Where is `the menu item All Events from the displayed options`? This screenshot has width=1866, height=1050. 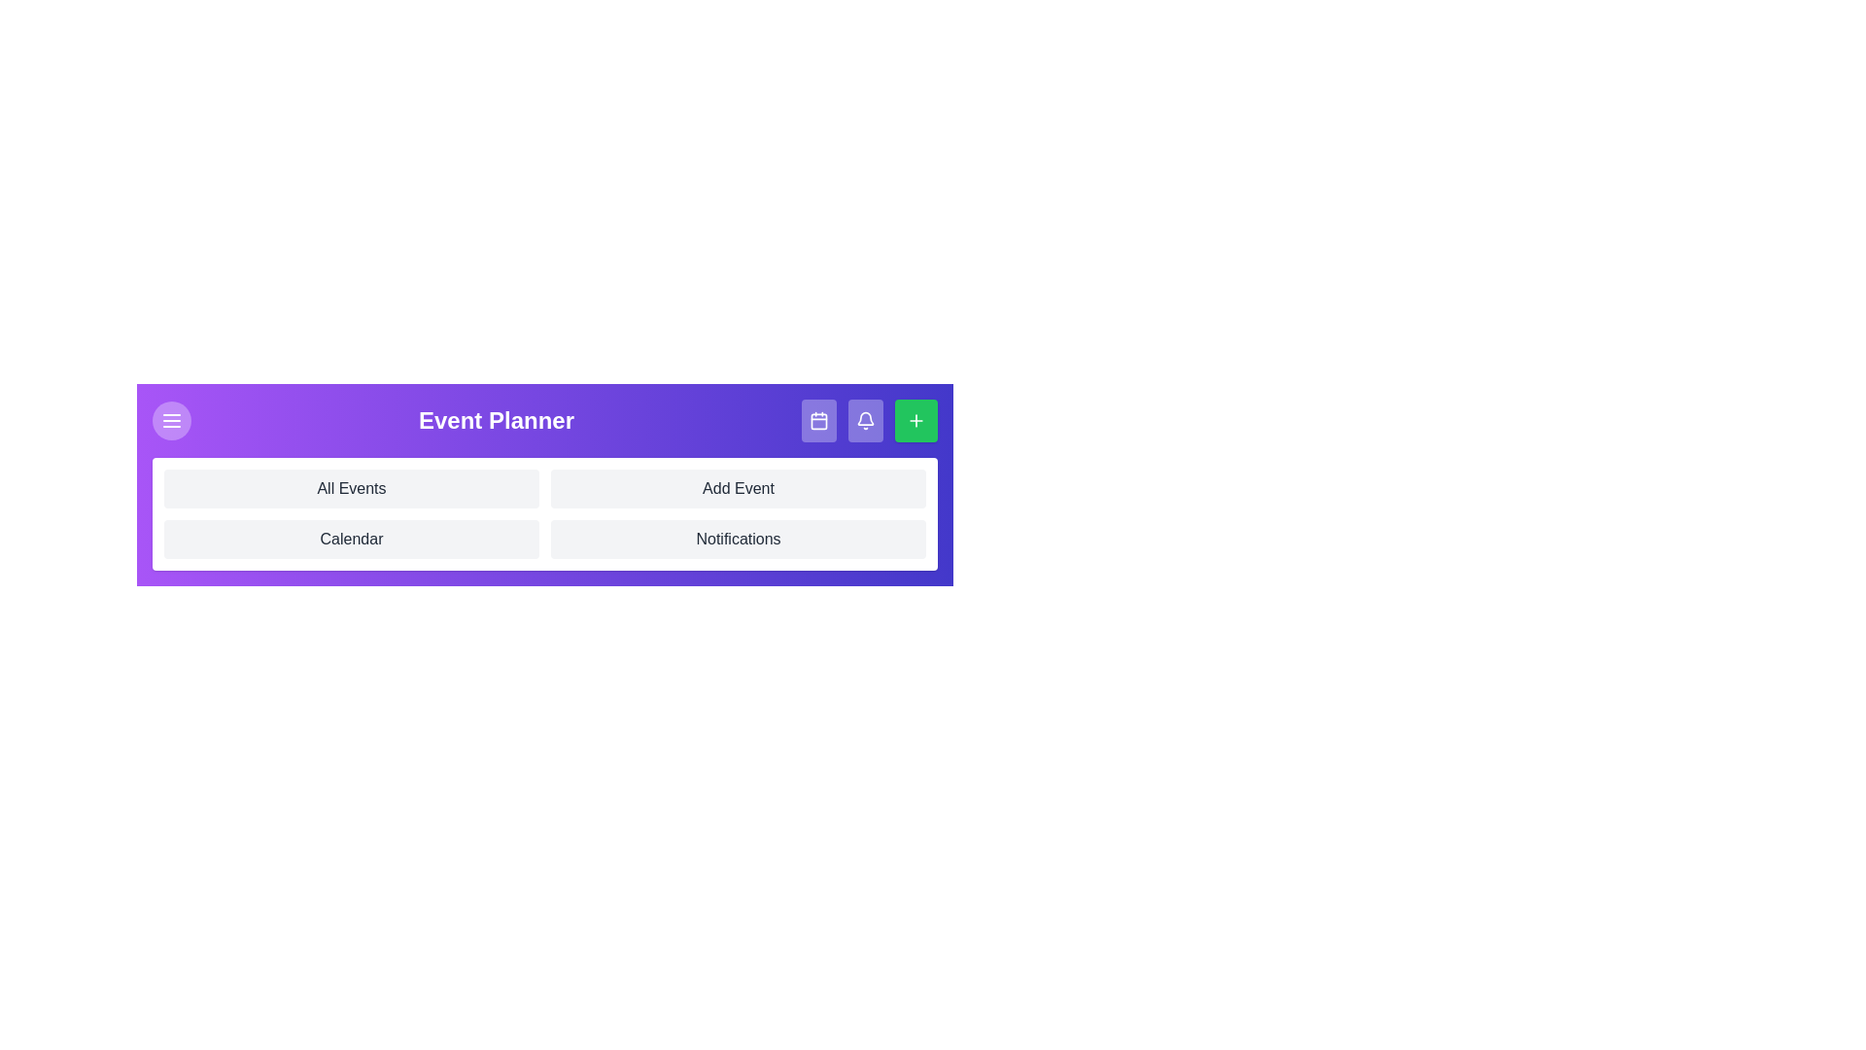 the menu item All Events from the displayed options is located at coordinates (351, 487).